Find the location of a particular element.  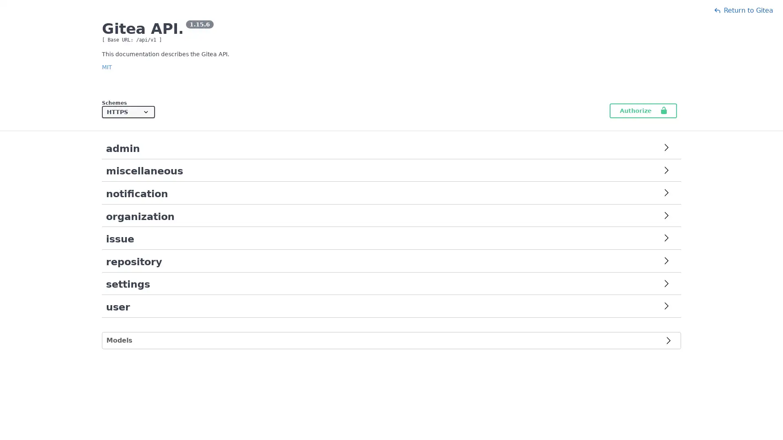

Authorize is located at coordinates (643, 111).